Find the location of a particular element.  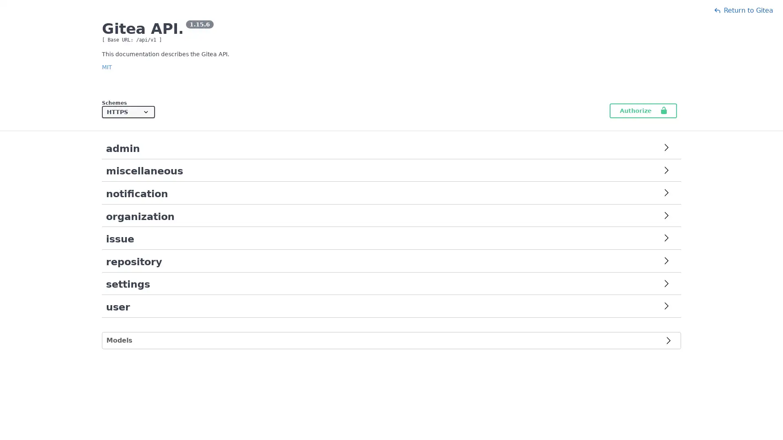

Authorize is located at coordinates (643, 111).